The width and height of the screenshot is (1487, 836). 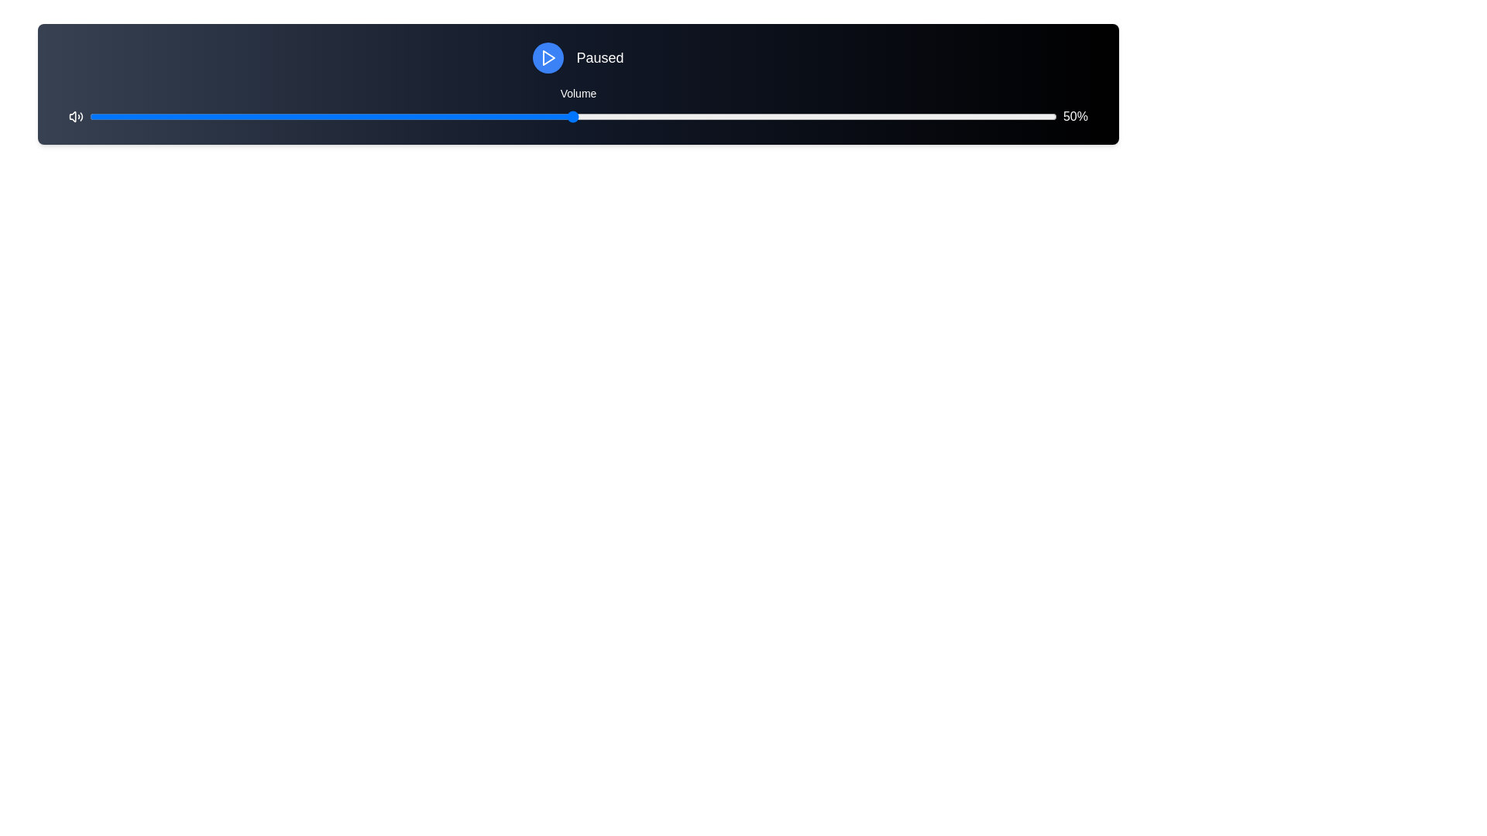 What do you see at coordinates (601, 115) in the screenshot?
I see `the volume level` at bounding box center [601, 115].